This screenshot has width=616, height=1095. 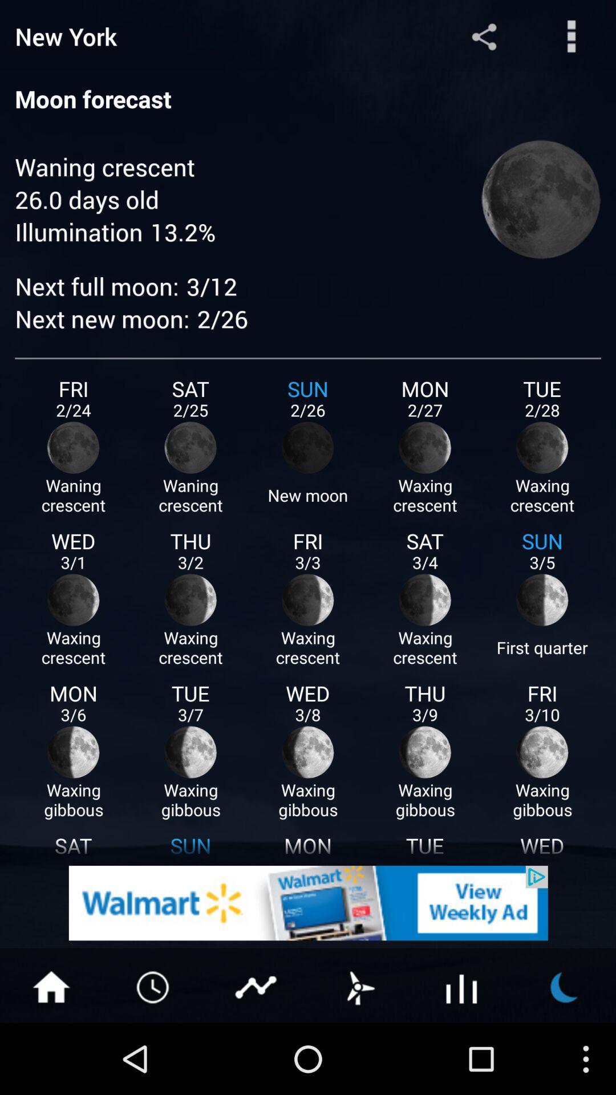 What do you see at coordinates (308, 902) in the screenshot?
I see `go walmart` at bounding box center [308, 902].